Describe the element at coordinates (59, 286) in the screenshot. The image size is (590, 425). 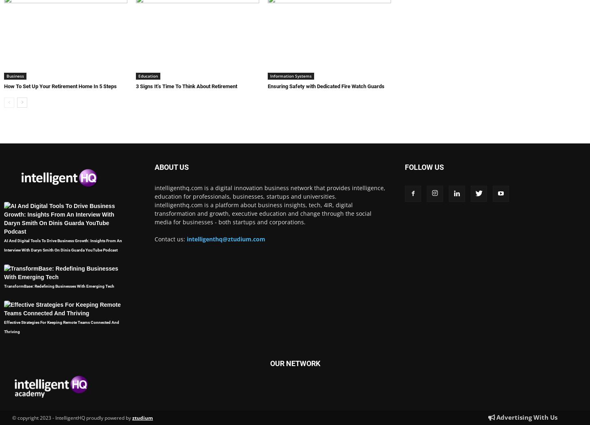
I see `'TransformBase: Redefining Businesses With Emerging Tech'` at that location.